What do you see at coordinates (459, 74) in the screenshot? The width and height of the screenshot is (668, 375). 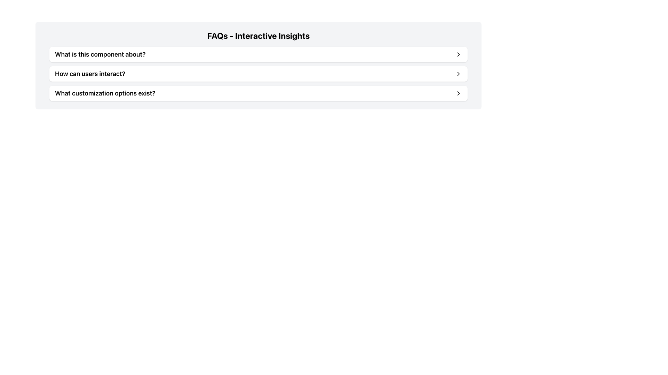 I see `the rightward arrow icon located at the far right side of the row labeled 'How can users interact?'` at bounding box center [459, 74].